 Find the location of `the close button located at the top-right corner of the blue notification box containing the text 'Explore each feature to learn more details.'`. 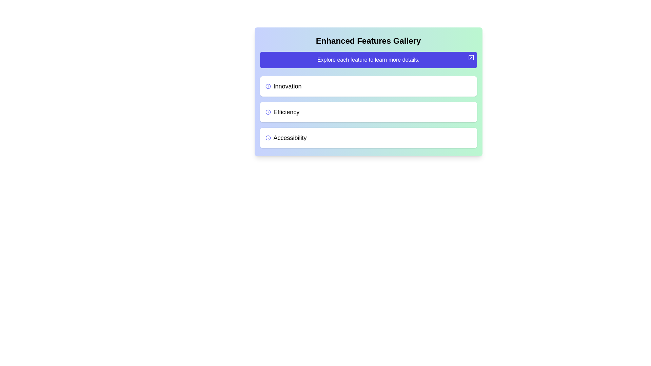

the close button located at the top-right corner of the blue notification box containing the text 'Explore each feature to learn more details.' is located at coordinates (471, 57).